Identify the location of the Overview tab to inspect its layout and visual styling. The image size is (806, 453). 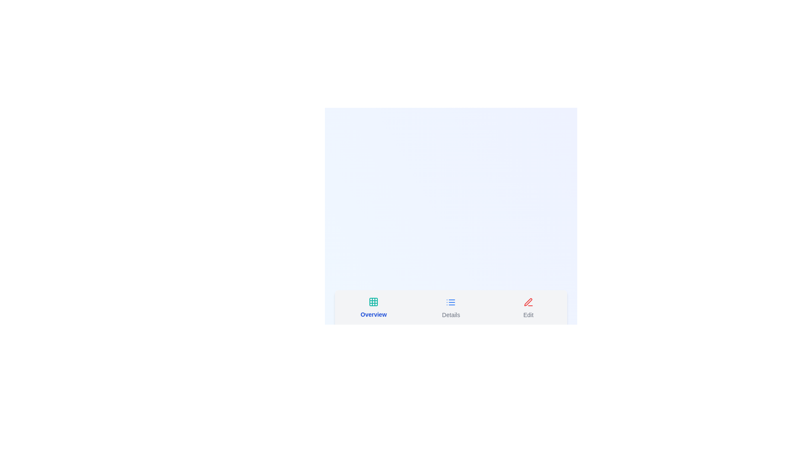
(373, 308).